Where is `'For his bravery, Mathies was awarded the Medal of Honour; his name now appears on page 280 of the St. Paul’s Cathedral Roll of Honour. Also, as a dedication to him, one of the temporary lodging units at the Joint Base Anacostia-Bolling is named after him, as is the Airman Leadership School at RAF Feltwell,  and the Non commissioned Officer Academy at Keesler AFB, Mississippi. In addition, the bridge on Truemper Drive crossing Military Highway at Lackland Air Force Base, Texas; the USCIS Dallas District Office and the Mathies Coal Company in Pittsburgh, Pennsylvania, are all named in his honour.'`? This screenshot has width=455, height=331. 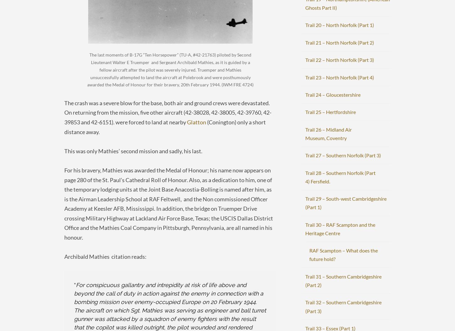 'For his bravery, Mathies was awarded the Medal of Honour; his name now appears on page 280 of the St. Paul’s Cathedral Roll of Honour. Also, as a dedication to him, one of the temporary lodging units at the Joint Base Anacostia-Bolling is named after him, as is the Airman Leadership School at RAF Feltwell,  and the Non commissioned Officer Academy at Keesler AFB, Mississippi. In addition, the bridge on Truemper Drive crossing Military Highway at Lackland Air Force Base, Texas; the USCIS Dallas District Office and the Mathies Coal Company in Pittsburgh, Pennsylvania, are all named in his honour.' is located at coordinates (169, 203).